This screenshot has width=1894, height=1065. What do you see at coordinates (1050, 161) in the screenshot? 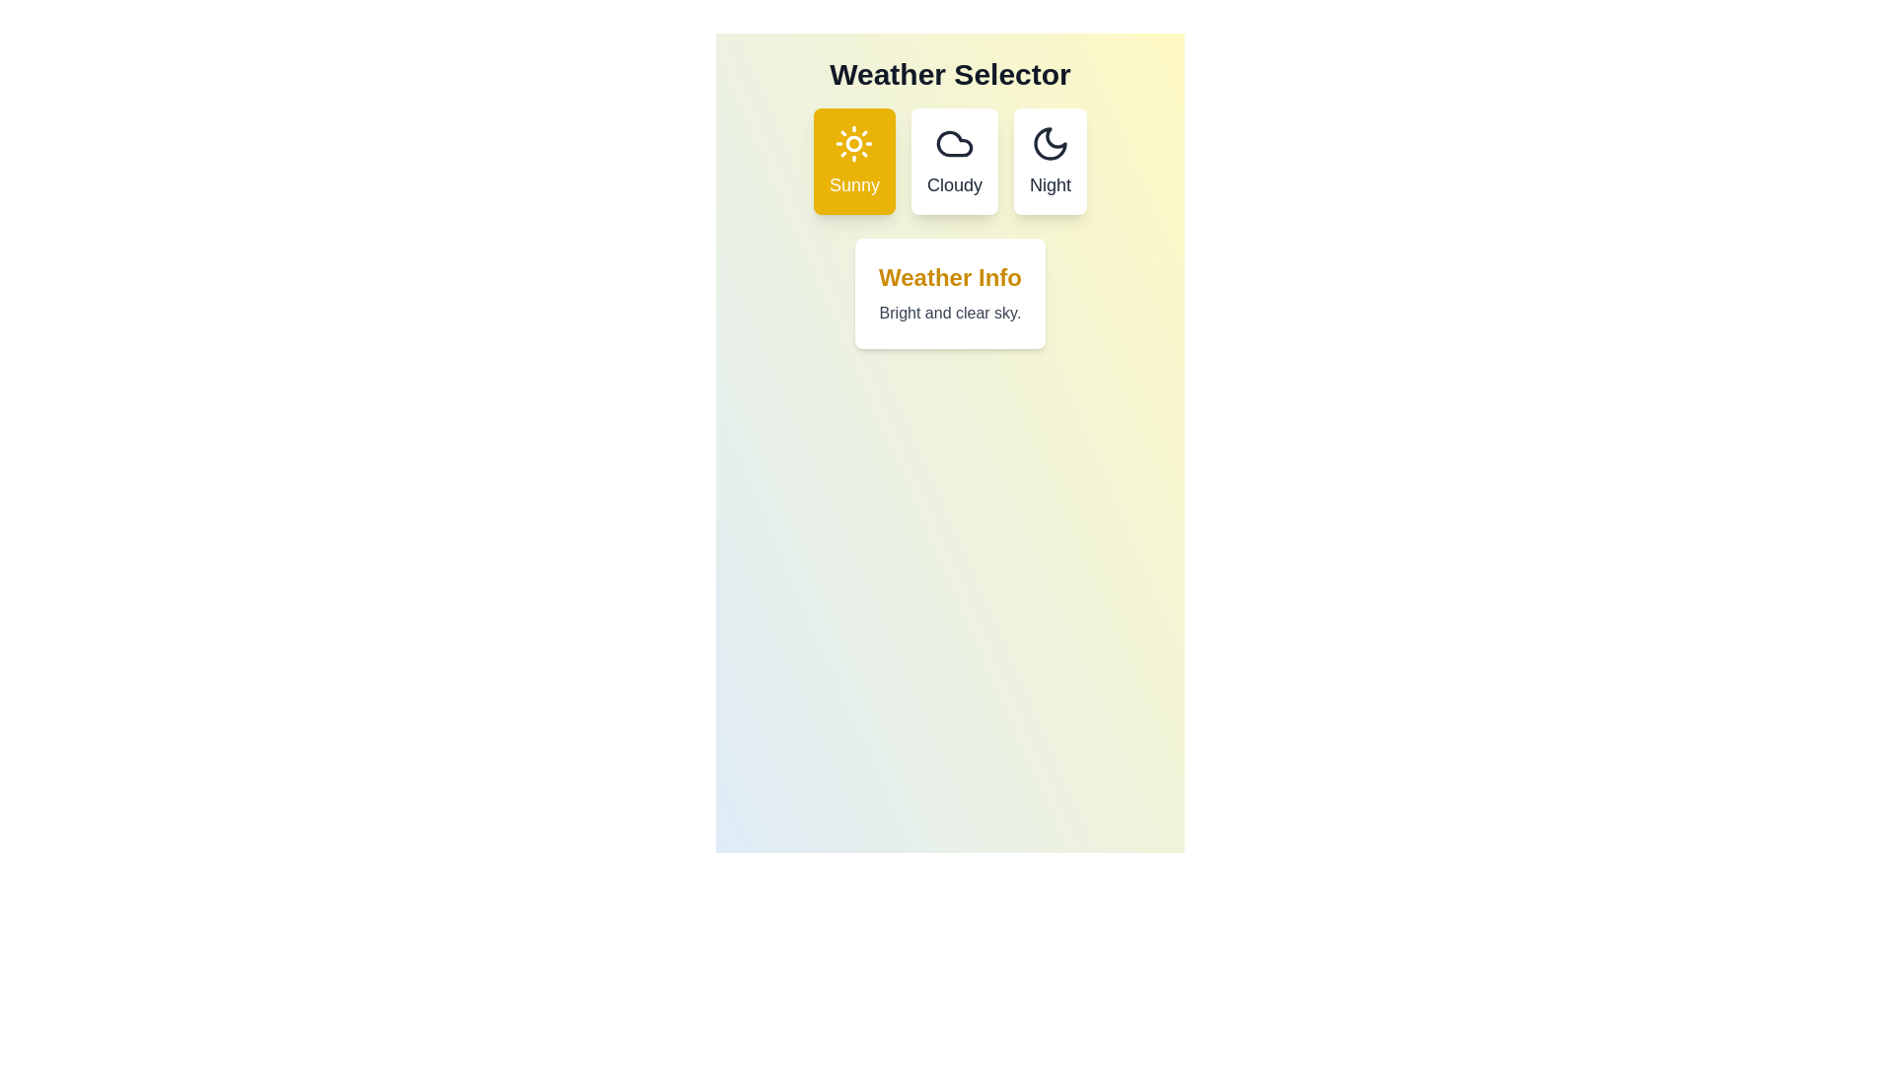
I see `the weather option Night by clicking on the corresponding button` at bounding box center [1050, 161].